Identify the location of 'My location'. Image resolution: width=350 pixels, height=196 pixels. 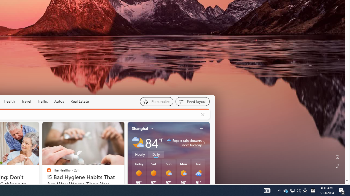
(152, 128).